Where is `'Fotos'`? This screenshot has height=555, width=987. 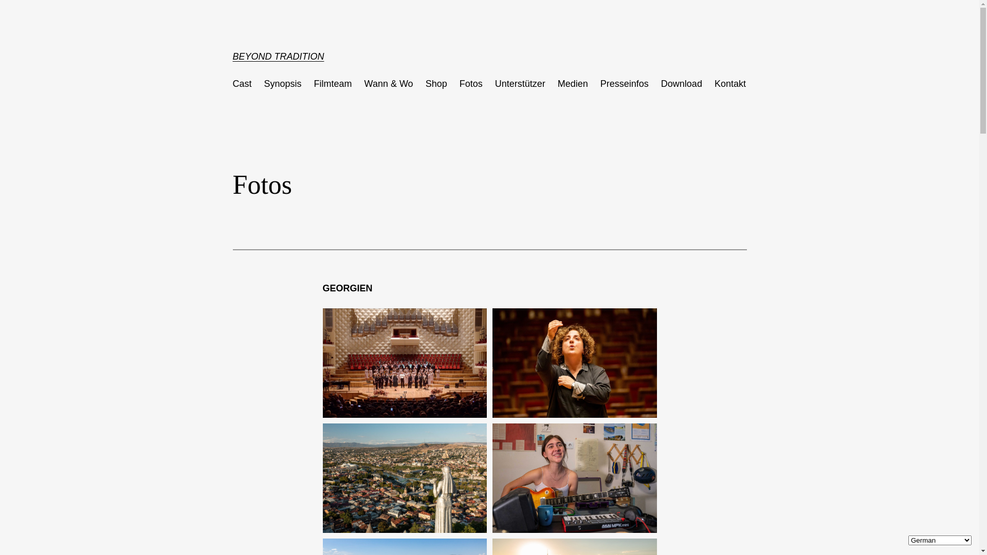
'Fotos' is located at coordinates (470, 83).